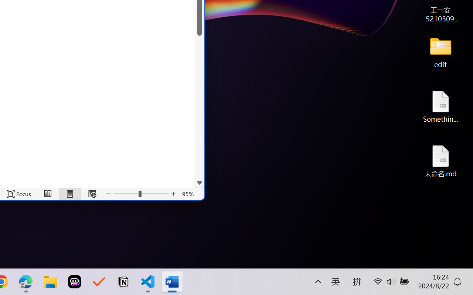  Describe the element at coordinates (75, 282) in the screenshot. I see `'Poe'` at that location.